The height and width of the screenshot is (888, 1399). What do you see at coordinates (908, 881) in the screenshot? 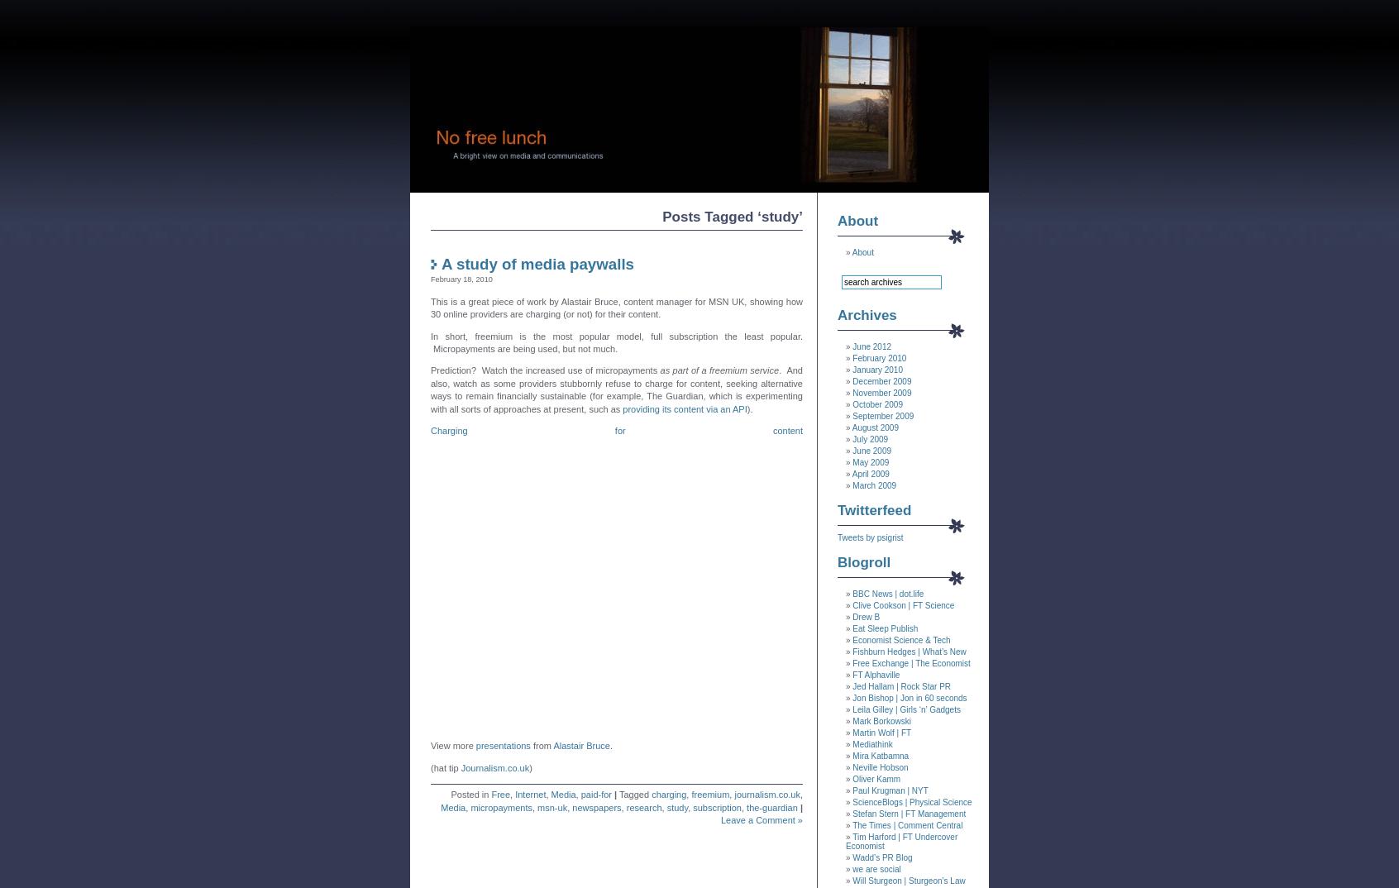
I see `'Will Sturgeon | Sturgeon’s Law'` at bounding box center [908, 881].